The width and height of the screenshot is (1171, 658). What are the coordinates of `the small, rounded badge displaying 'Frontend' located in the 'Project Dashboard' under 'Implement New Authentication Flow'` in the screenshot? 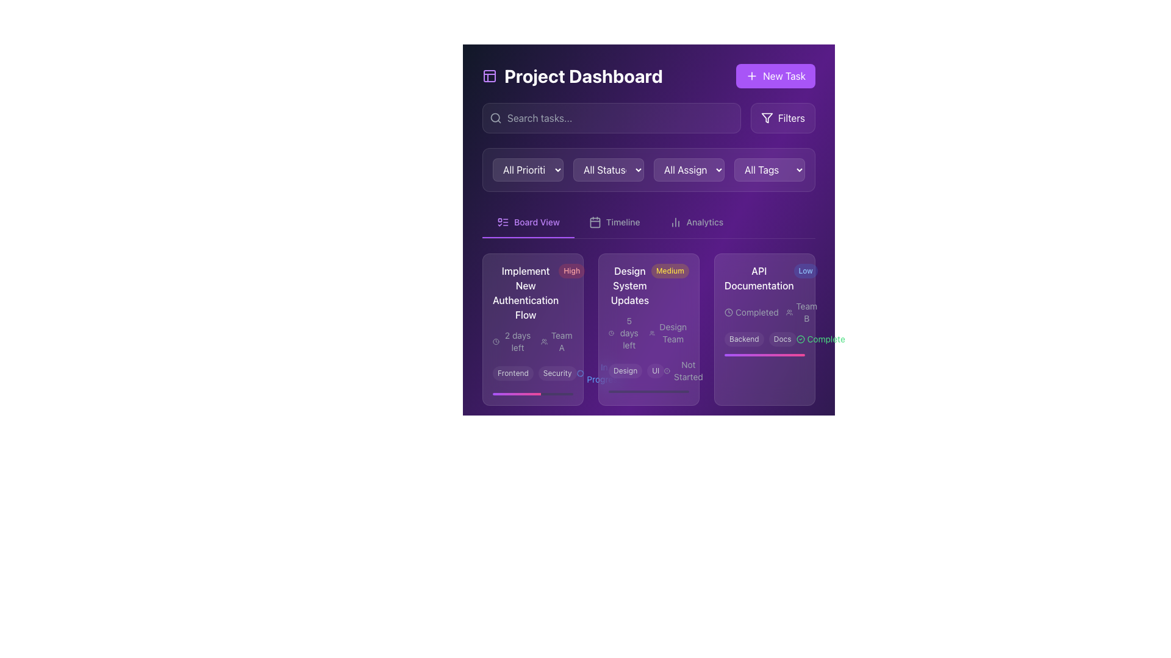 It's located at (513, 373).